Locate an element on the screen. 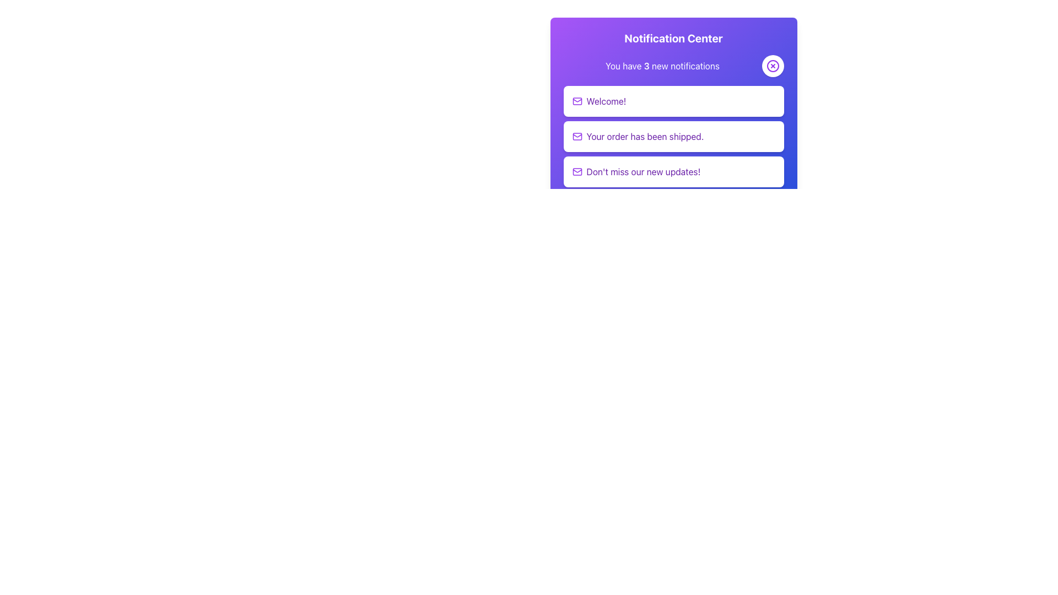  mail or messages icon located to the left of the notification text 'Don't miss our new updates!' in the lower notification box is located at coordinates (576, 172).